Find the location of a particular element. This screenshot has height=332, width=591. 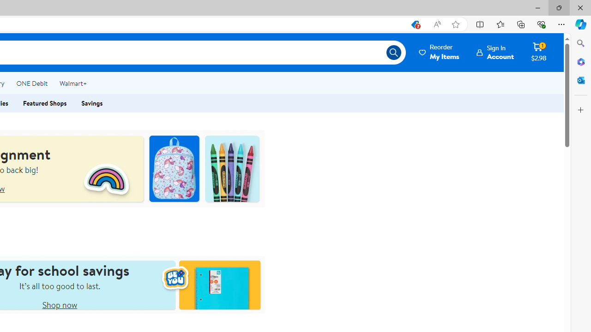

'Featured Shops' is located at coordinates (44, 103).